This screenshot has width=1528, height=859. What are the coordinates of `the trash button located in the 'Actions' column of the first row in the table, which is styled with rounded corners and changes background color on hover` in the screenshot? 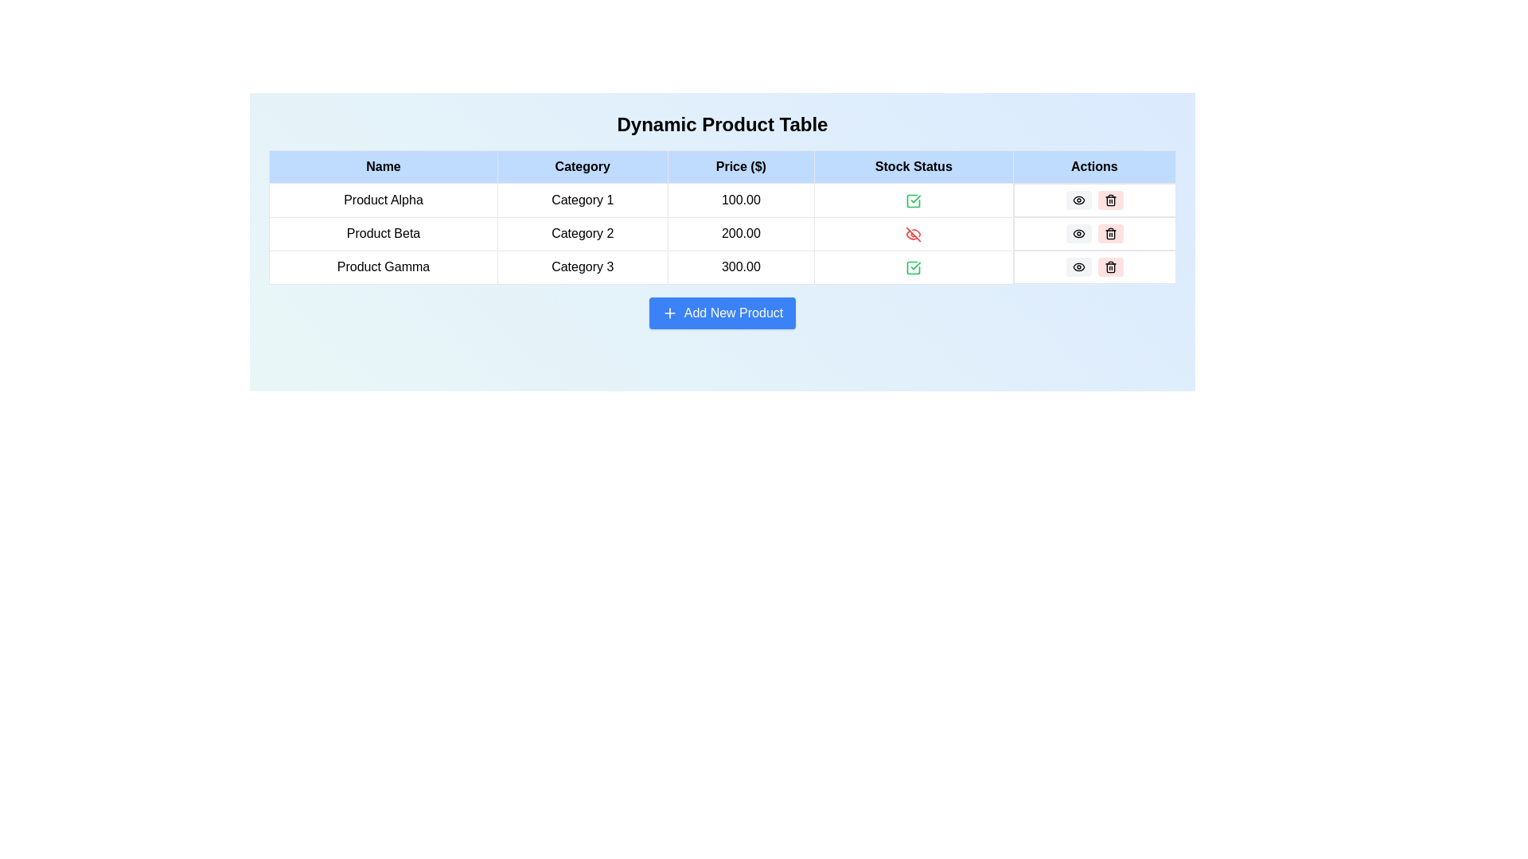 It's located at (1093, 199).